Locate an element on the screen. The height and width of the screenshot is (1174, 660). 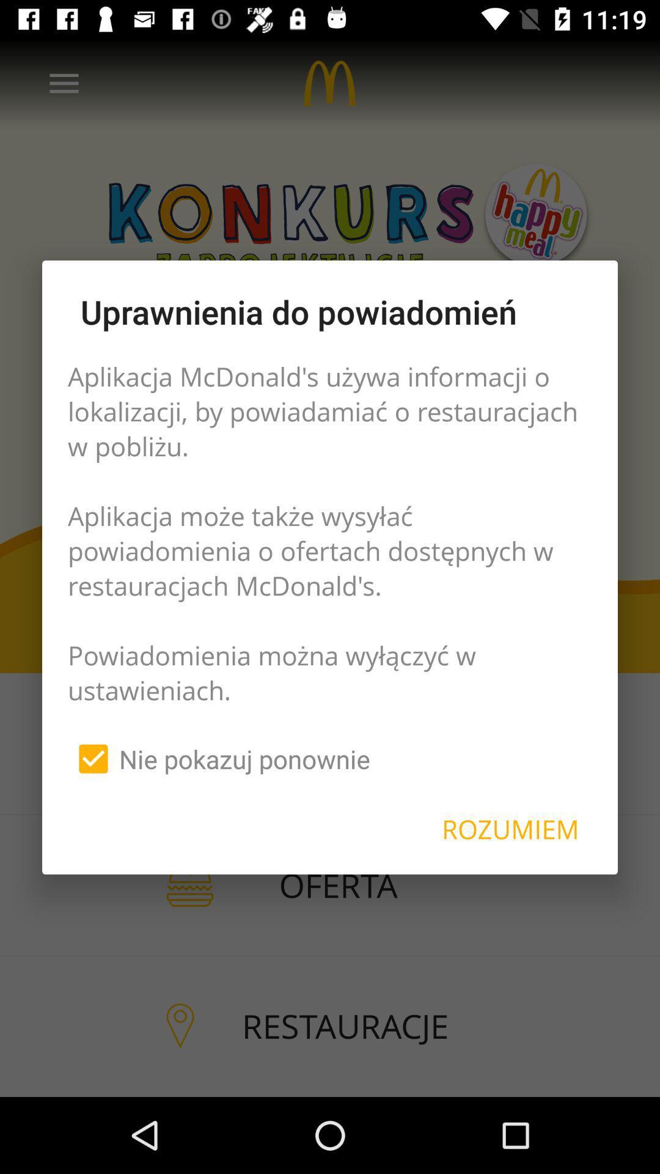
the nie pokazuj ponownie is located at coordinates (218, 758).